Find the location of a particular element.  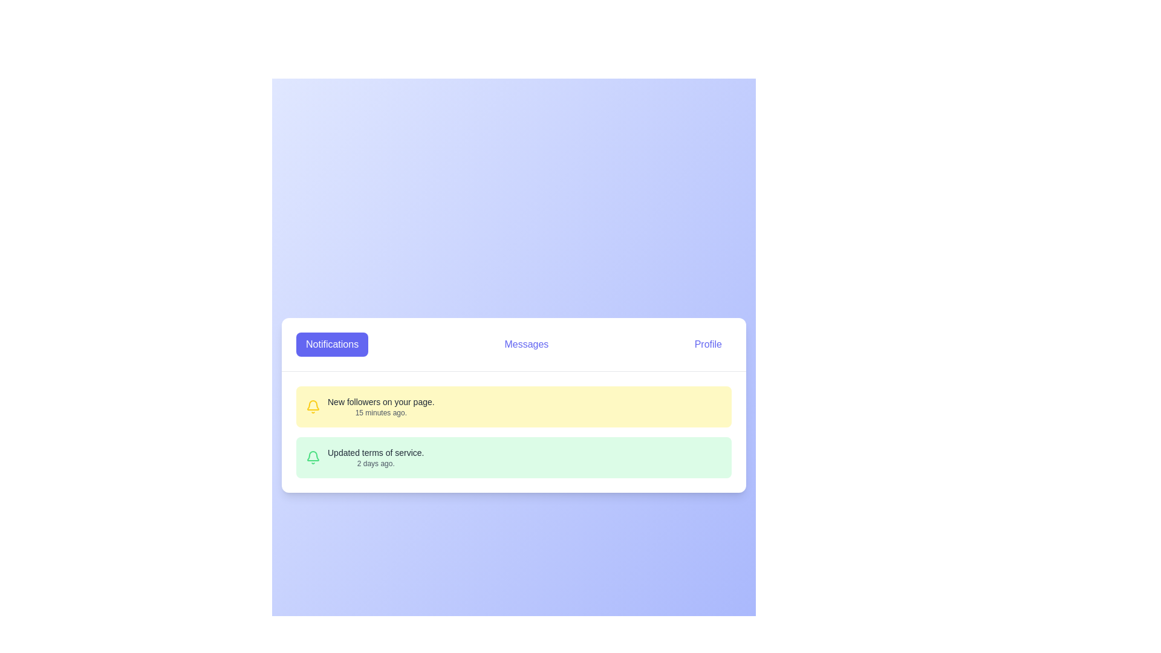

the 'Profile' button with rounded edges, styled in indigo, located in the navigation bar is located at coordinates (708, 344).